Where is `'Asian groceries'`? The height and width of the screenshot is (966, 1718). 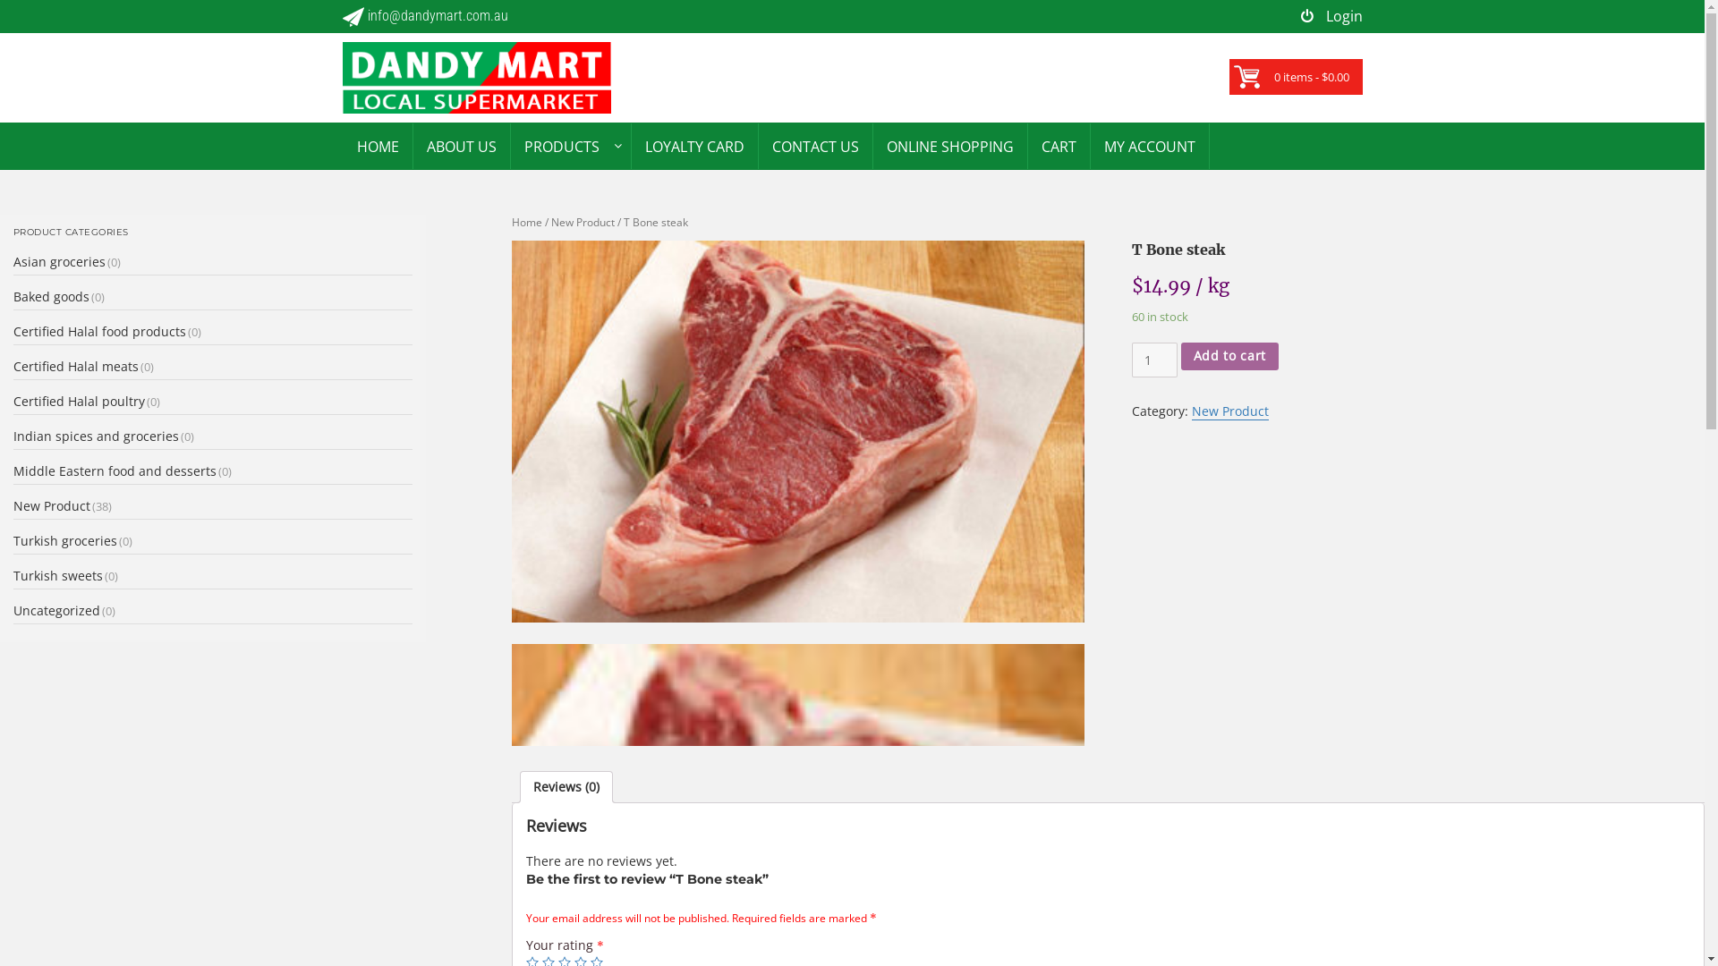
'Asian groceries' is located at coordinates (59, 261).